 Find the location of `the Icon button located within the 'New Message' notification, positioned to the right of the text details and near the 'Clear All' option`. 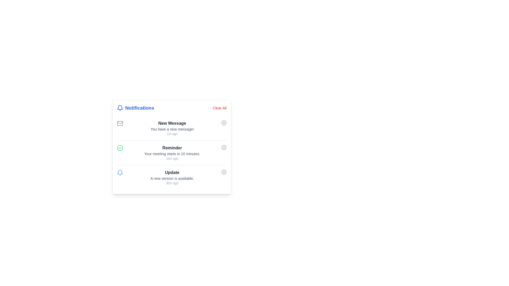

the Icon button located within the 'New Message' notification, positioned to the right of the text details and near the 'Clear All' option is located at coordinates (224, 123).